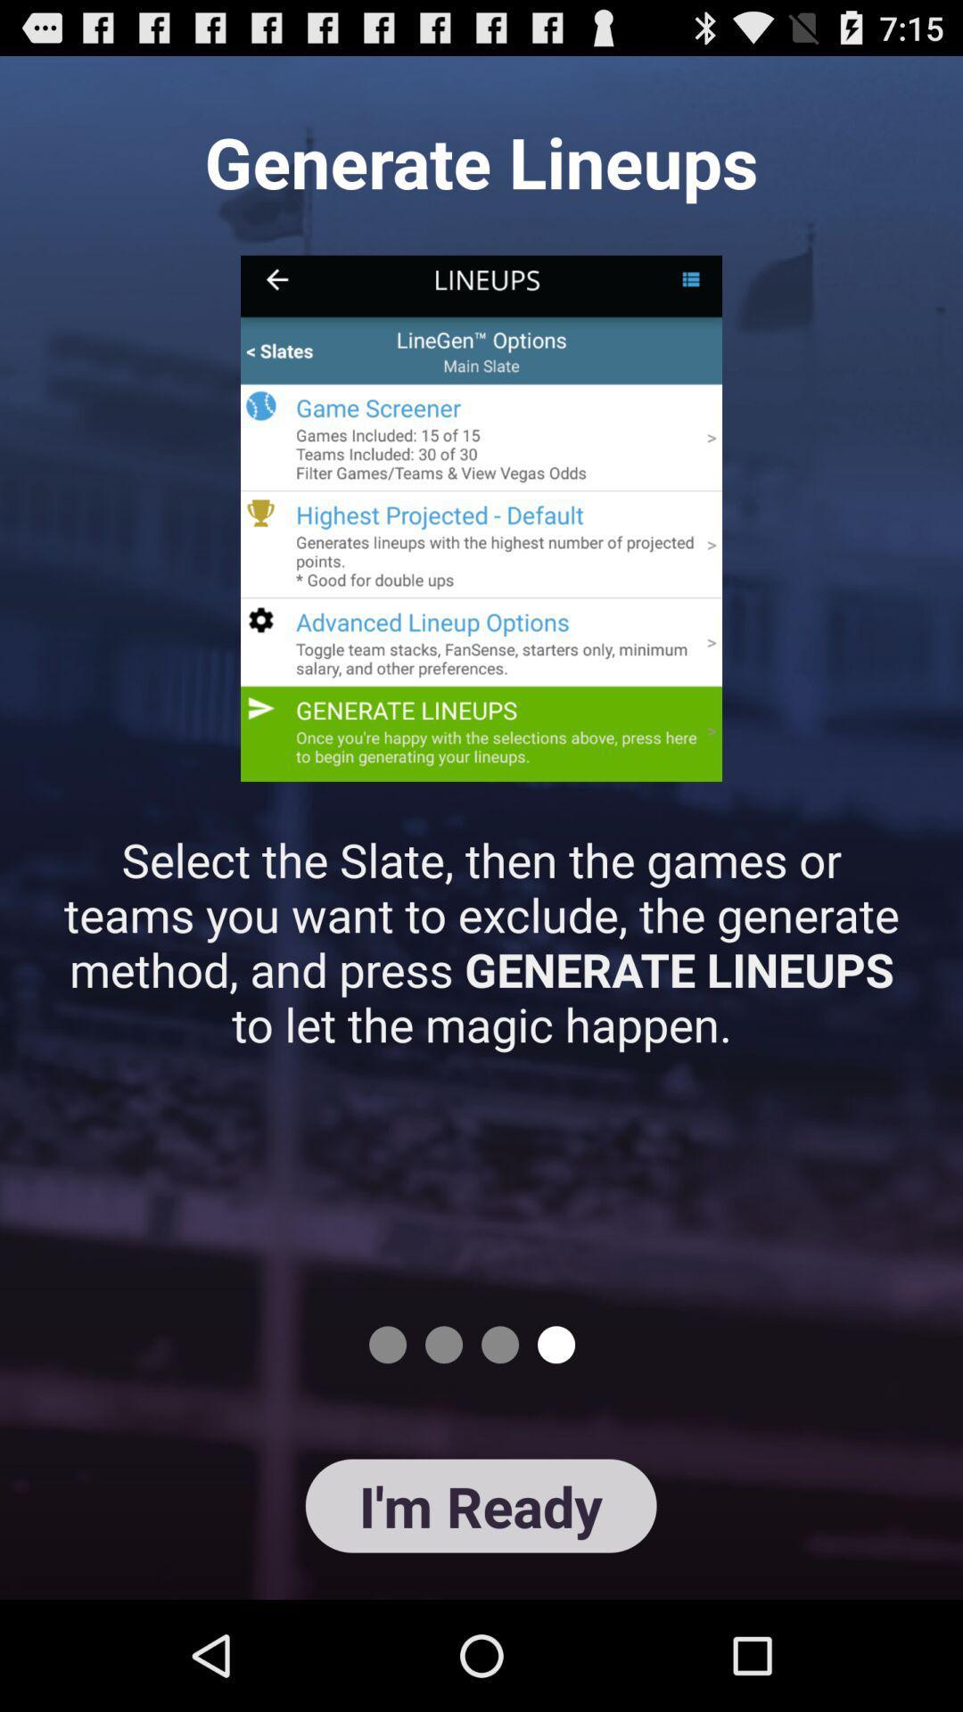 This screenshot has height=1712, width=963. I want to click on the i'm ready button, so click(480, 1505).